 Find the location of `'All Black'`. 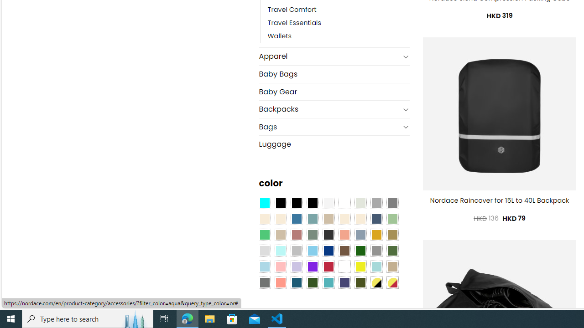

'All Black' is located at coordinates (280, 202).